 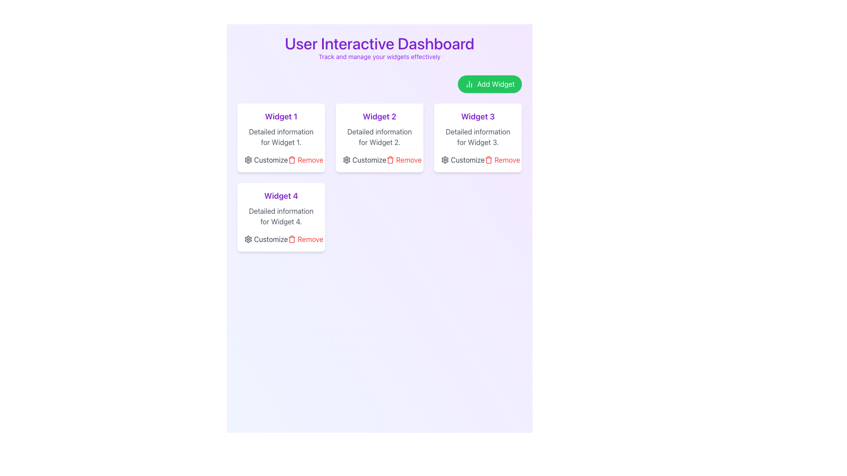 I want to click on the button for adding a new widget to the dashboard, so click(x=489, y=84).